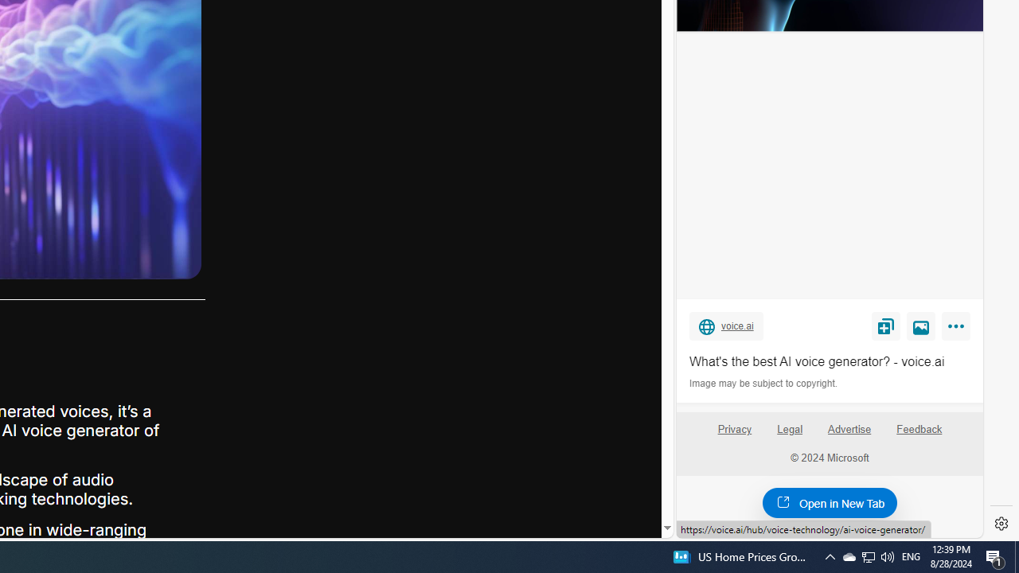 This screenshot has width=1019, height=573. What do you see at coordinates (1001, 524) in the screenshot?
I see `'Settings'` at bounding box center [1001, 524].